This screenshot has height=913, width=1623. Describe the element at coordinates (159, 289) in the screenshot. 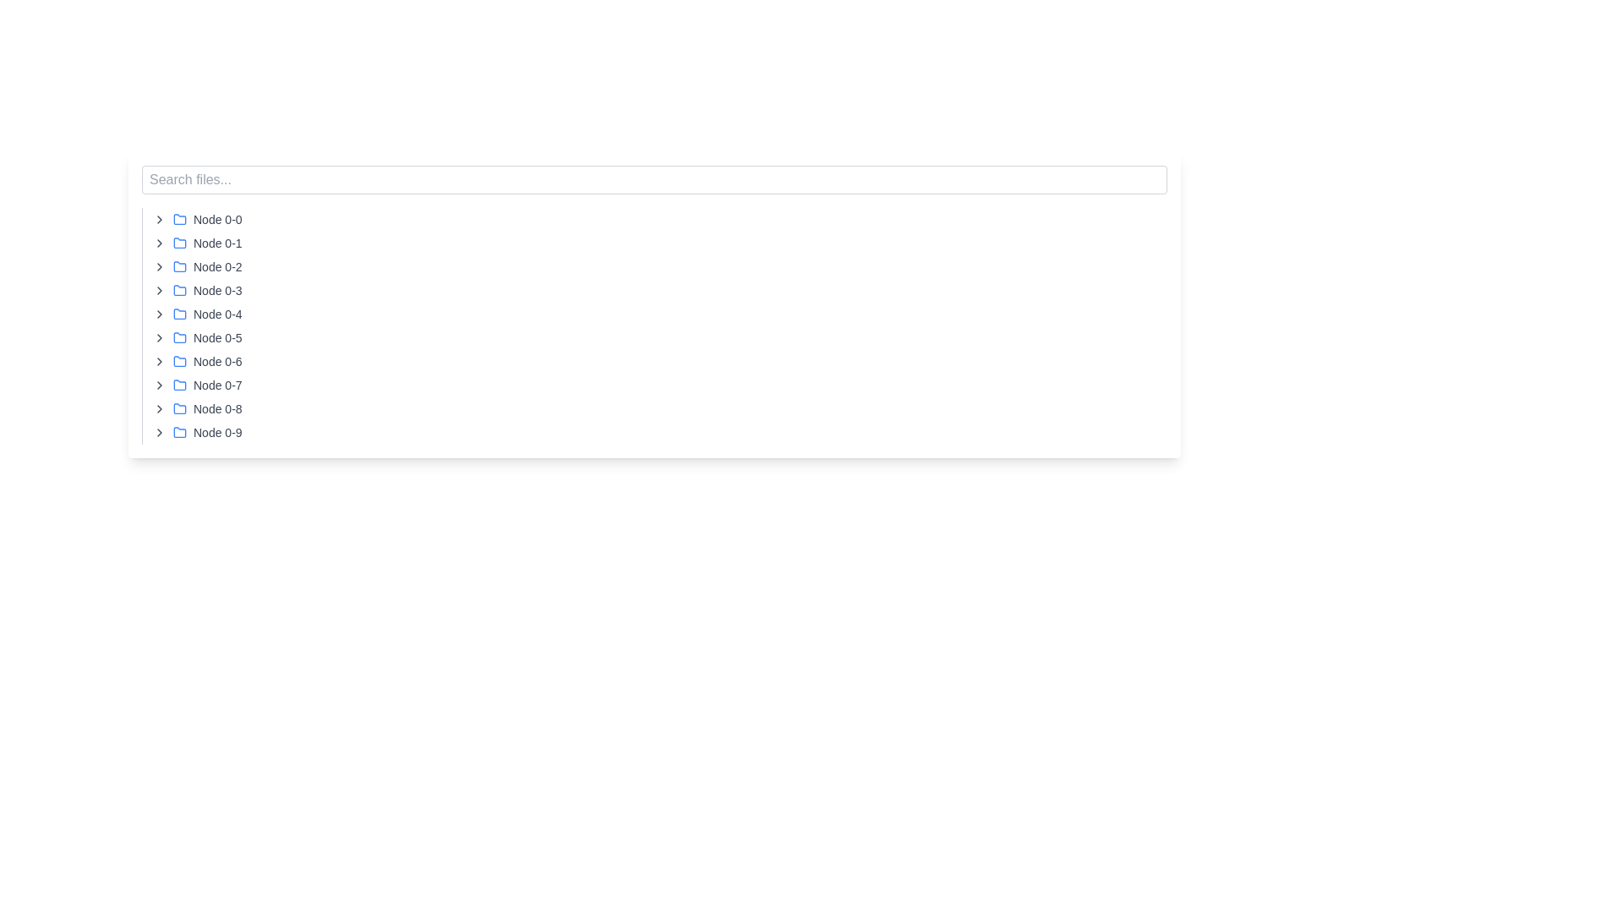

I see `the toggle button located to the left of the folder icon for 'Node 0-3'` at that location.